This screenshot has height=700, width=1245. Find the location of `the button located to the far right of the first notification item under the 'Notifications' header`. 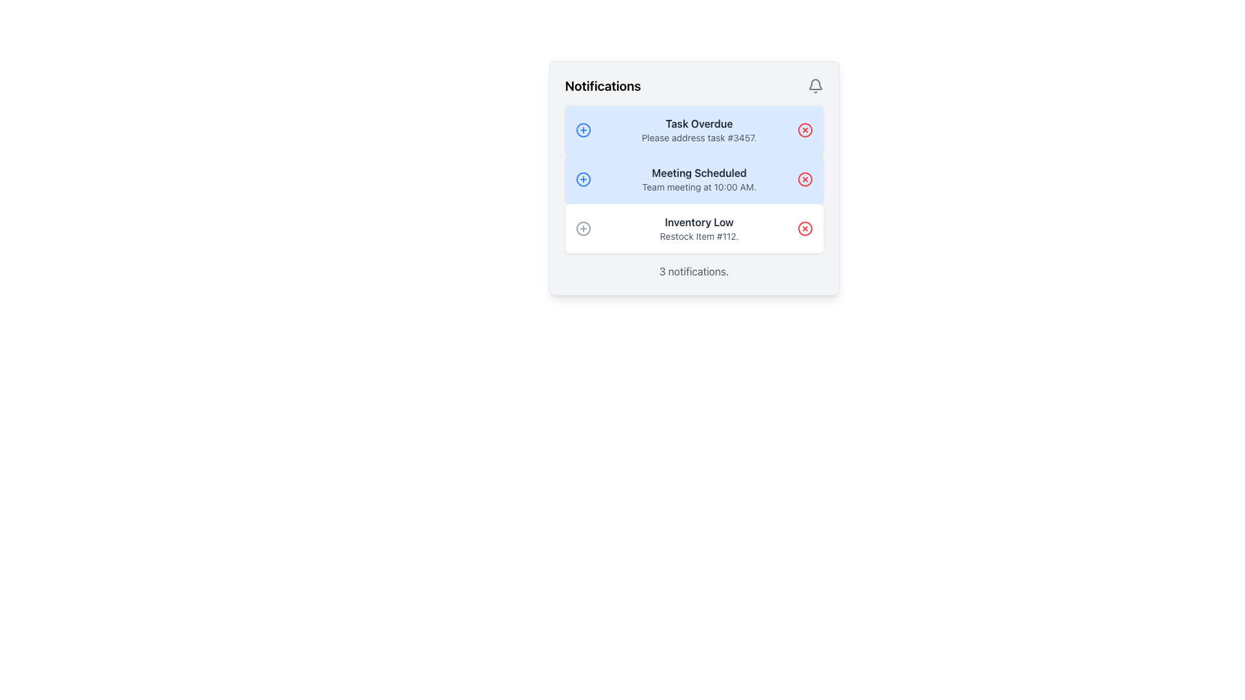

the button located to the far right of the first notification item under the 'Notifications' header is located at coordinates (804, 130).